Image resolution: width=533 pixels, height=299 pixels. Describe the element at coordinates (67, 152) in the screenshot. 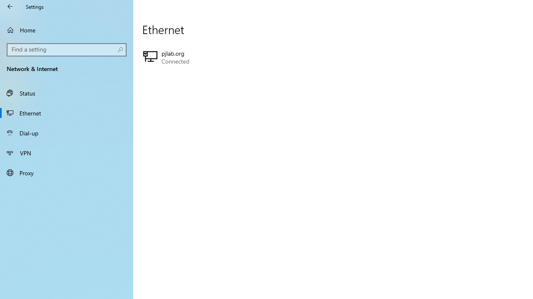

I see `'VPN'` at that location.